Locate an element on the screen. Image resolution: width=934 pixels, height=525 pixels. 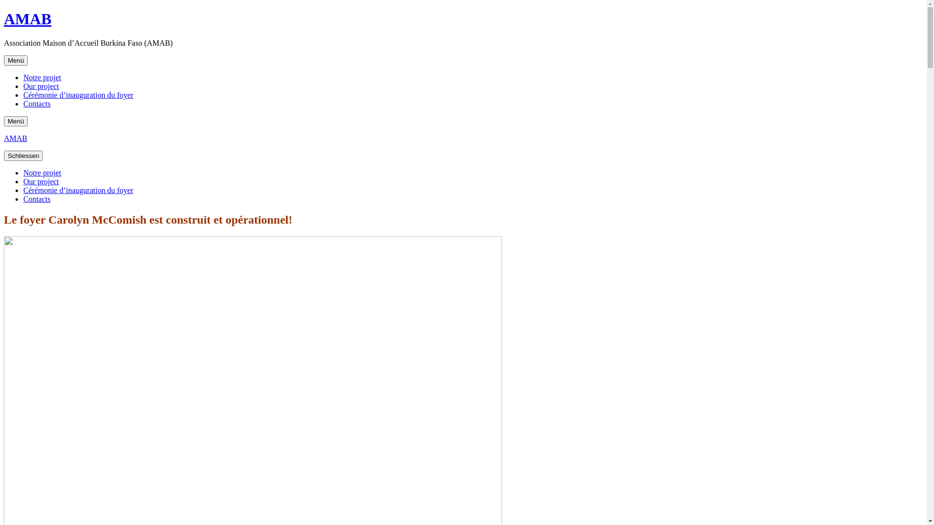
'Notre projet' is located at coordinates (41, 77).